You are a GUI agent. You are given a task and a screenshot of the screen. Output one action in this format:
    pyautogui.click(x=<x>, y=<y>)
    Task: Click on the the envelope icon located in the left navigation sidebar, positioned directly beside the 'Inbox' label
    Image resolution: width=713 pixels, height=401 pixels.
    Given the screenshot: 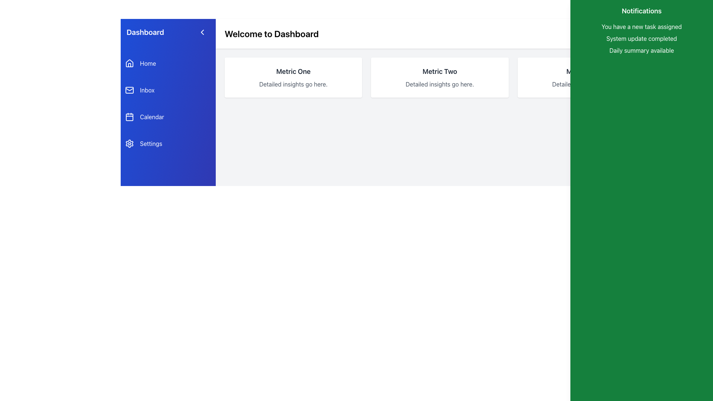 What is the action you would take?
    pyautogui.click(x=130, y=90)
    